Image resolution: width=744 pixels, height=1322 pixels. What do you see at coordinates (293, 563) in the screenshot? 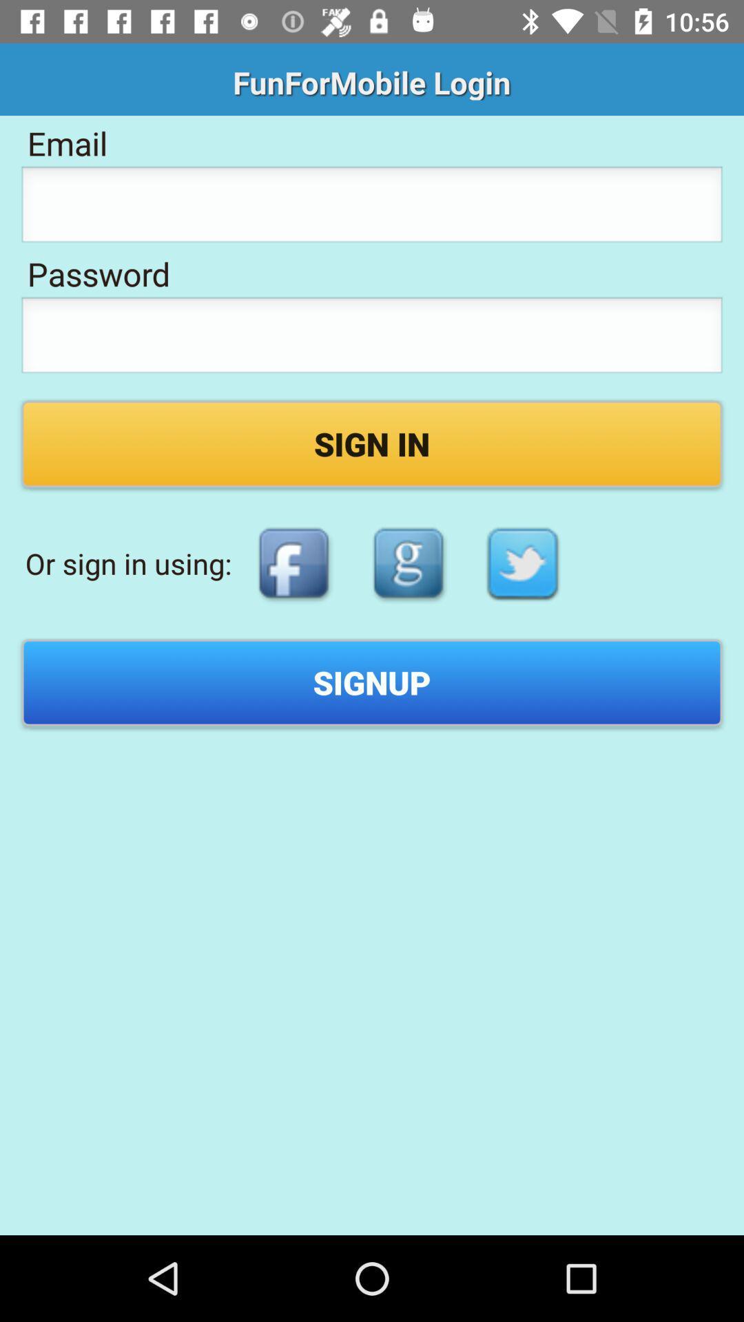
I see `the icon below sign in icon` at bounding box center [293, 563].